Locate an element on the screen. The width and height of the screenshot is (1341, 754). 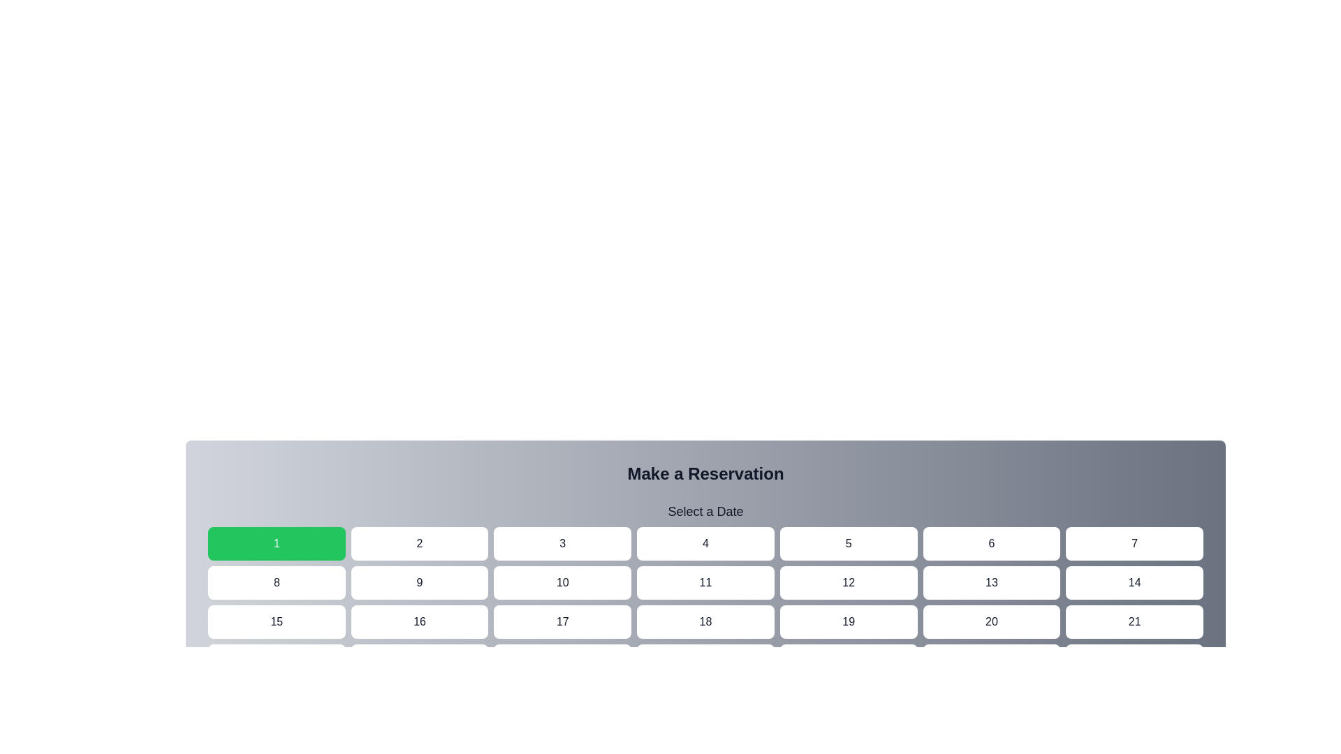
the button located in the first row and third column under the 'Make a Reservation' section is located at coordinates (562, 543).